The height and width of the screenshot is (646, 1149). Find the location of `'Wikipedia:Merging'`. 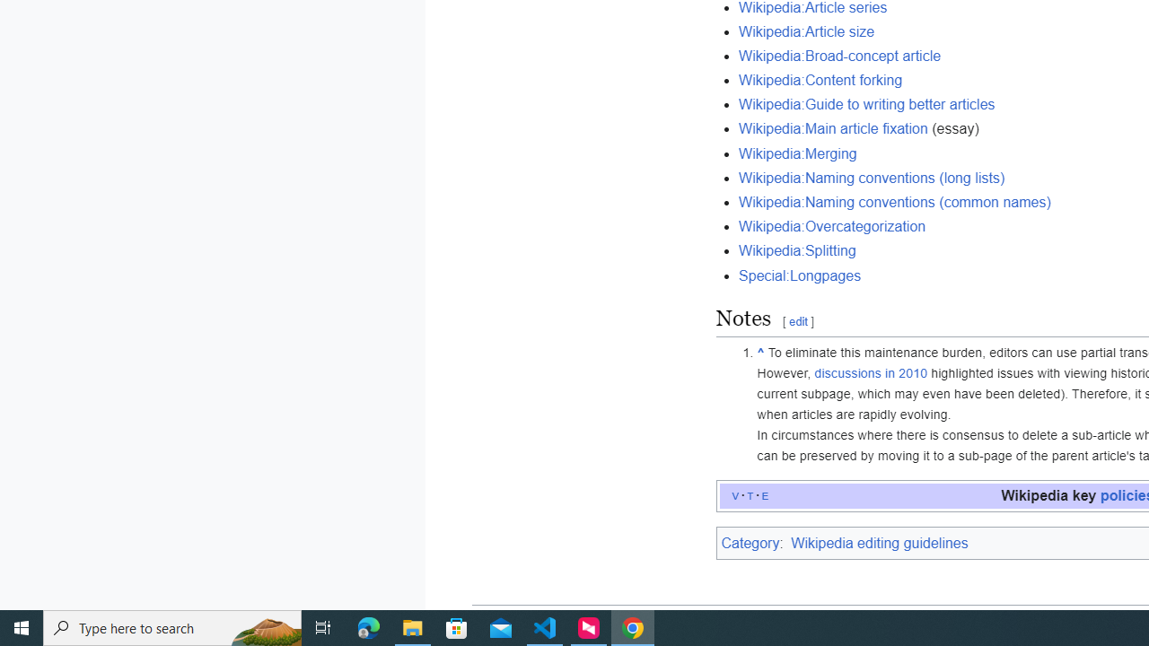

'Wikipedia:Merging' is located at coordinates (796, 153).